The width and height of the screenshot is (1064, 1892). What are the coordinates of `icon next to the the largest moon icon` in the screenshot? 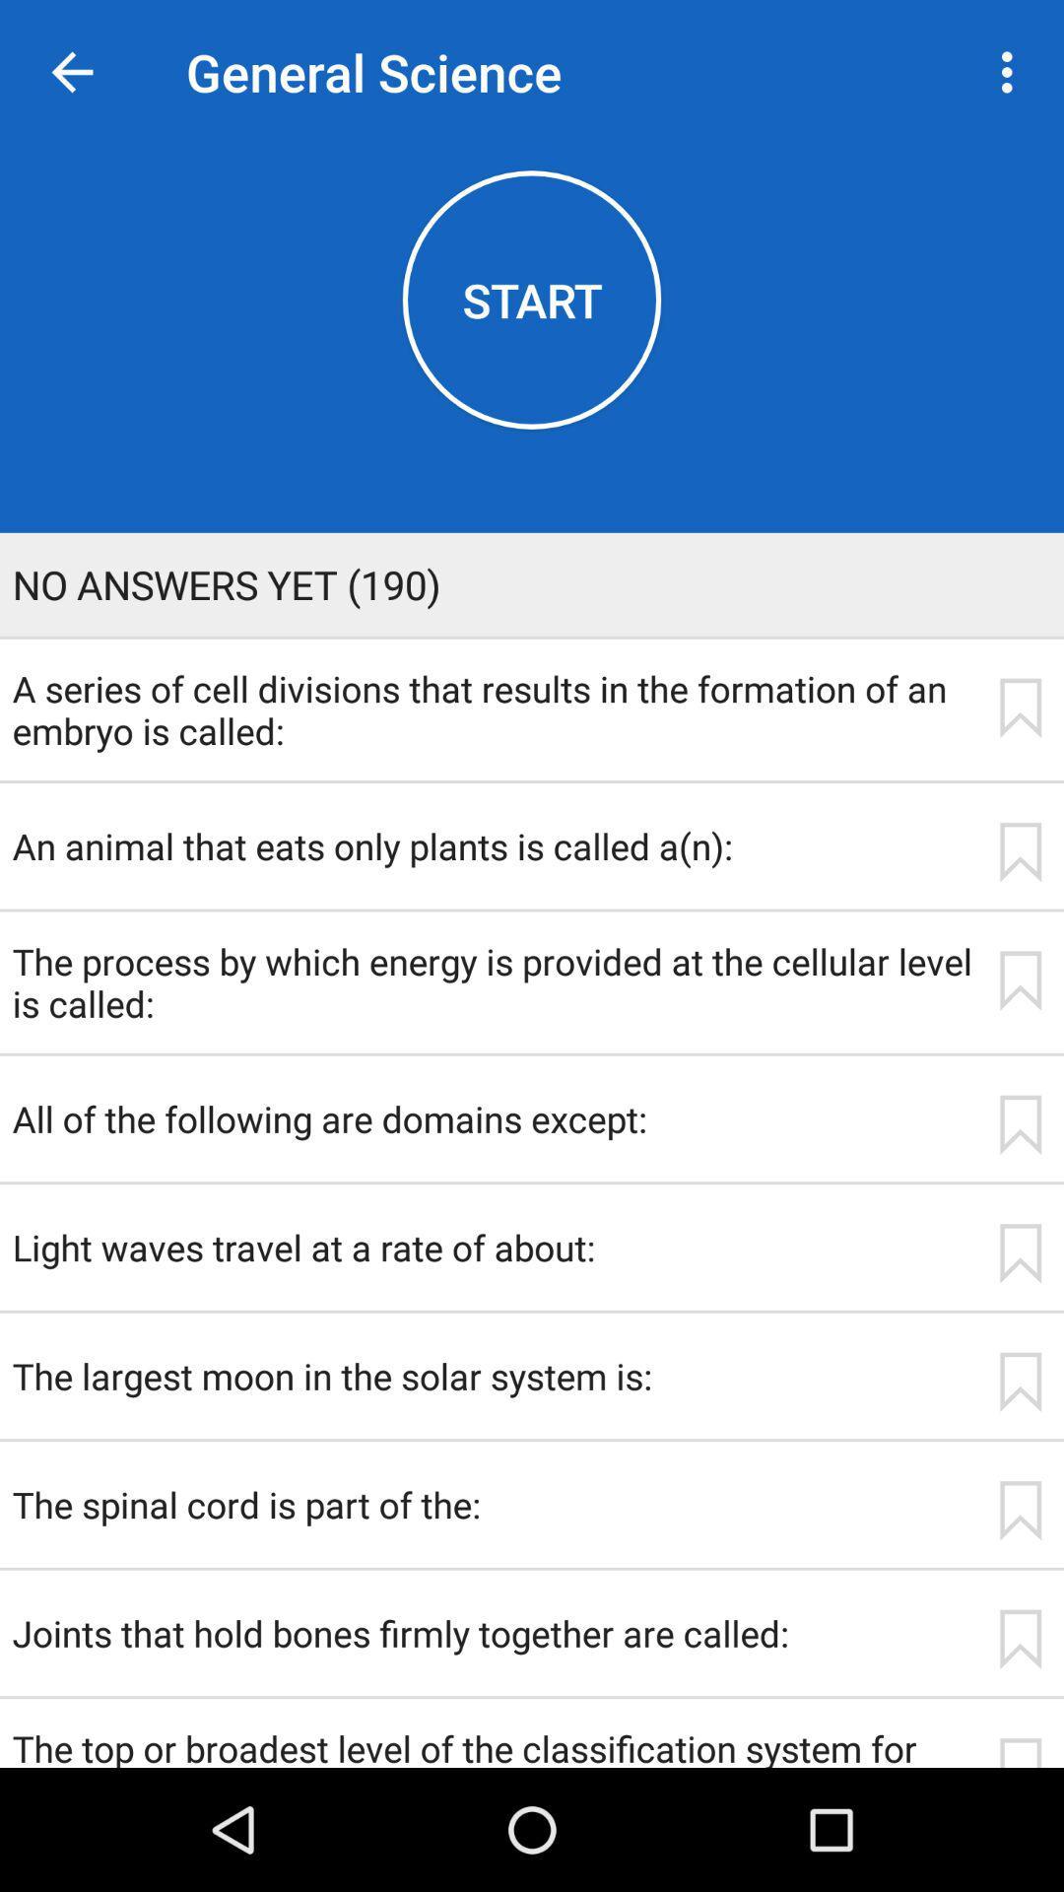 It's located at (1020, 1381).